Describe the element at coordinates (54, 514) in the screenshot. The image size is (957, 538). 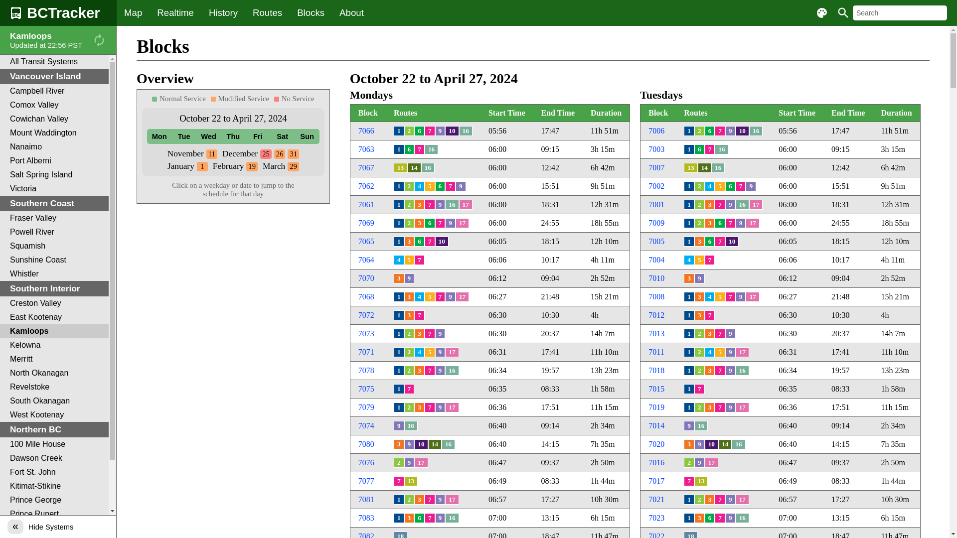
I see `'Prince Rupert'` at that location.